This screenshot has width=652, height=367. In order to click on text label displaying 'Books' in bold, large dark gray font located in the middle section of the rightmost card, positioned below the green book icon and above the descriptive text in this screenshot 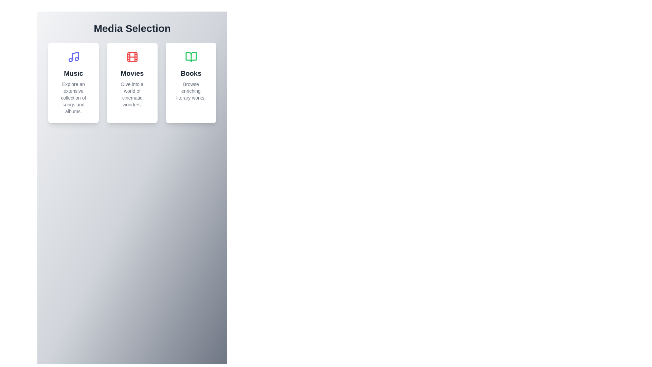, I will do `click(191, 73)`.